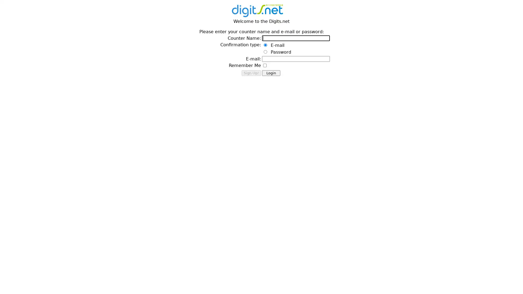 Image resolution: width=523 pixels, height=294 pixels. Describe the element at coordinates (251, 73) in the screenshot. I see `Sign Up!` at that location.